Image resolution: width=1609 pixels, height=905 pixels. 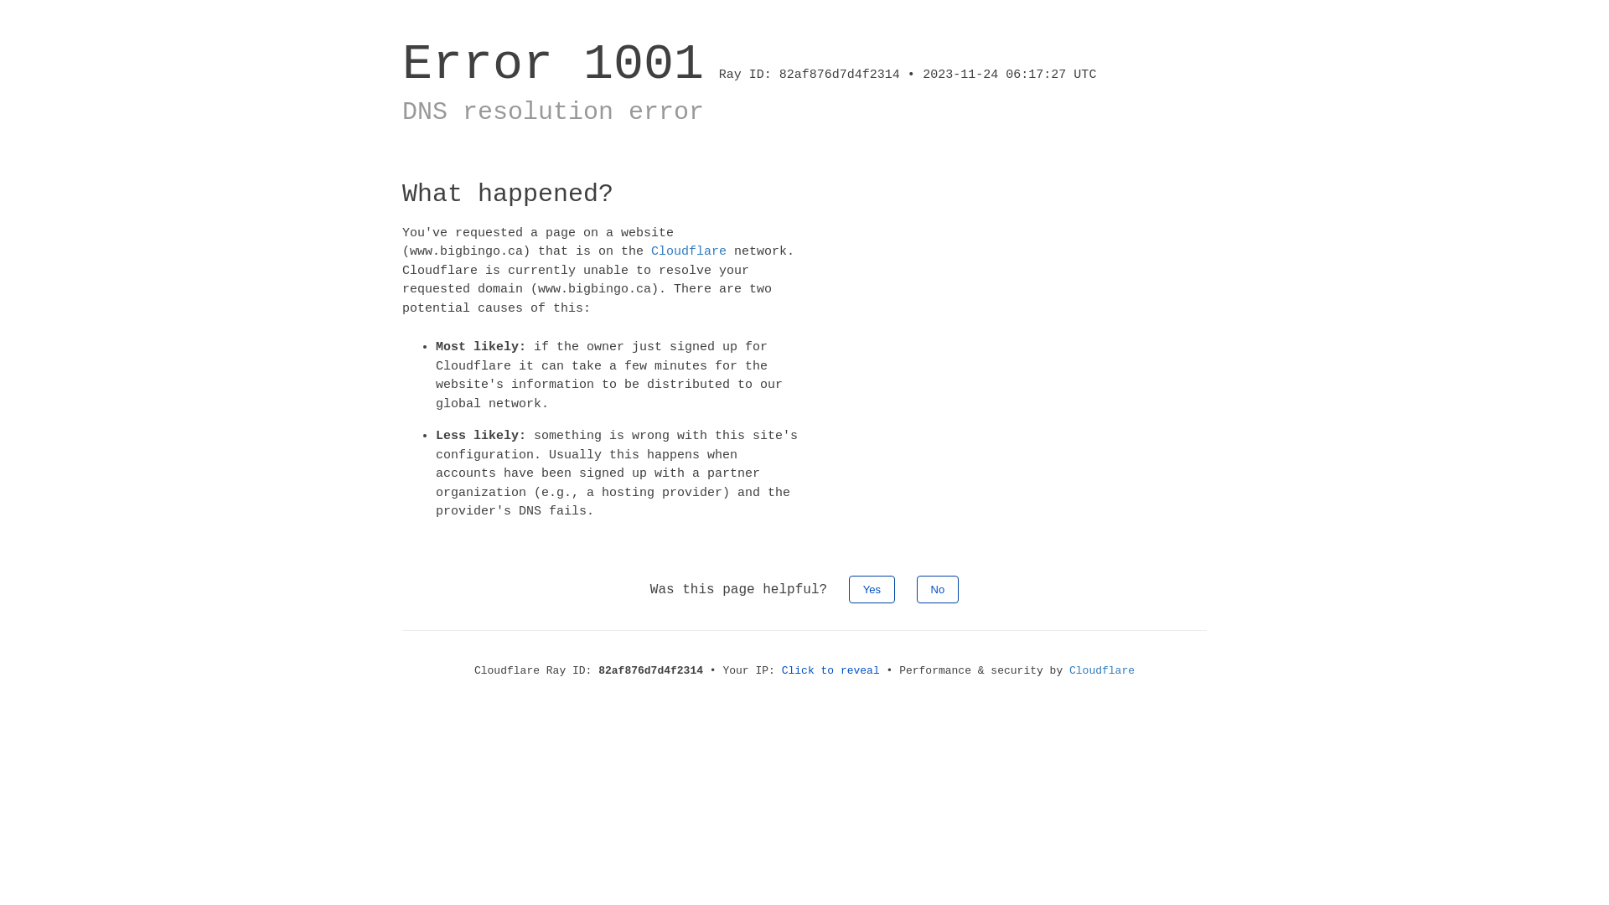 What do you see at coordinates (872, 587) in the screenshot?
I see `'Yes'` at bounding box center [872, 587].